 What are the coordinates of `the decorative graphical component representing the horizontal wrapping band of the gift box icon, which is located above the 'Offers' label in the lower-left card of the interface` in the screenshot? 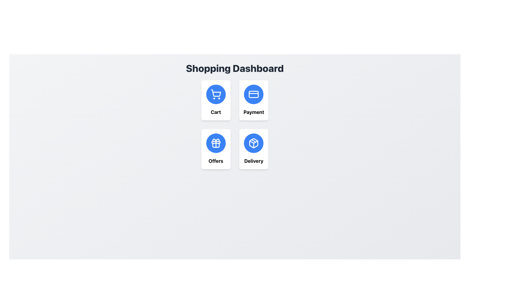 It's located at (215, 142).